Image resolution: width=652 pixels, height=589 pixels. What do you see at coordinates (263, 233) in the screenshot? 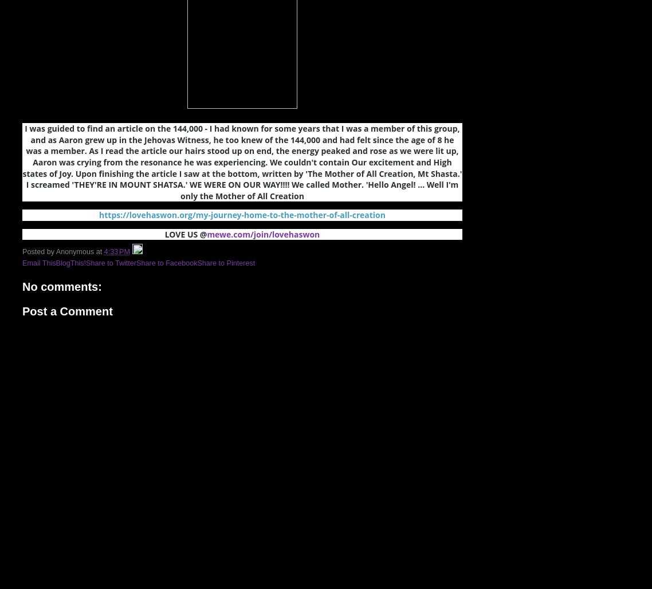
I see `'mewe.com/join/lovehaswon'` at bounding box center [263, 233].